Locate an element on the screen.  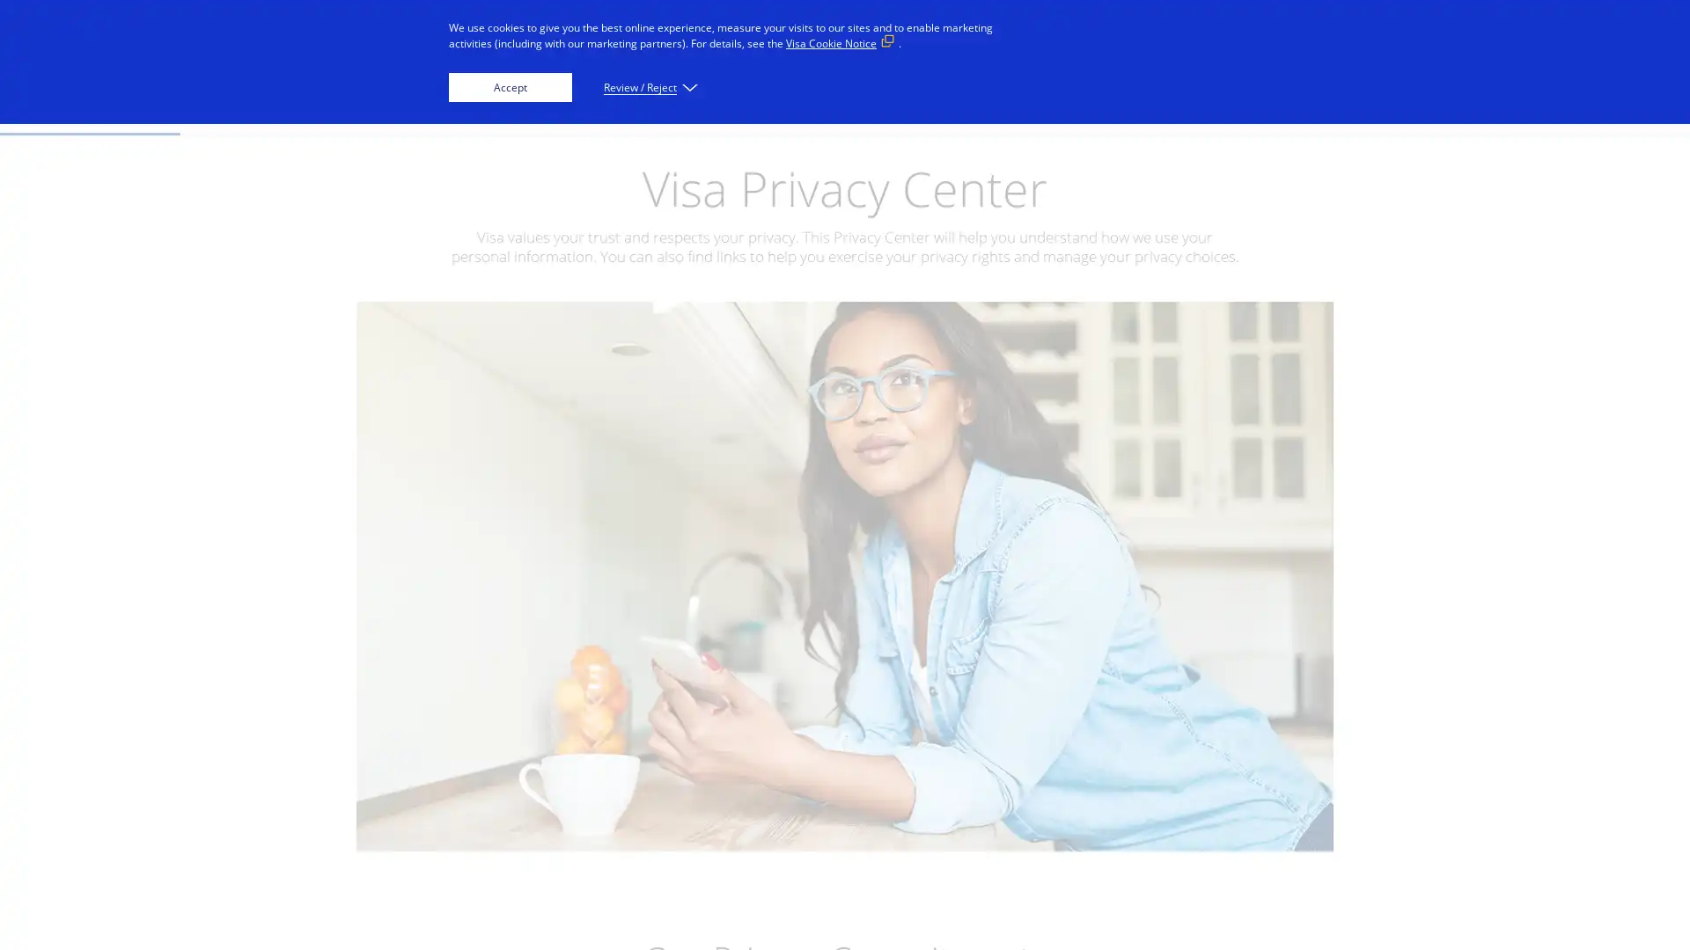
Accept is located at coordinates (510, 87).